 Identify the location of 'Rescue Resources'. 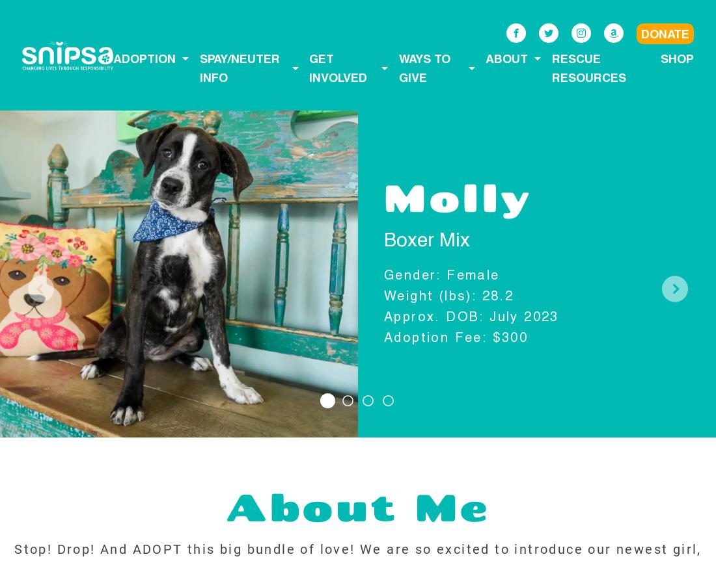
(551, 67).